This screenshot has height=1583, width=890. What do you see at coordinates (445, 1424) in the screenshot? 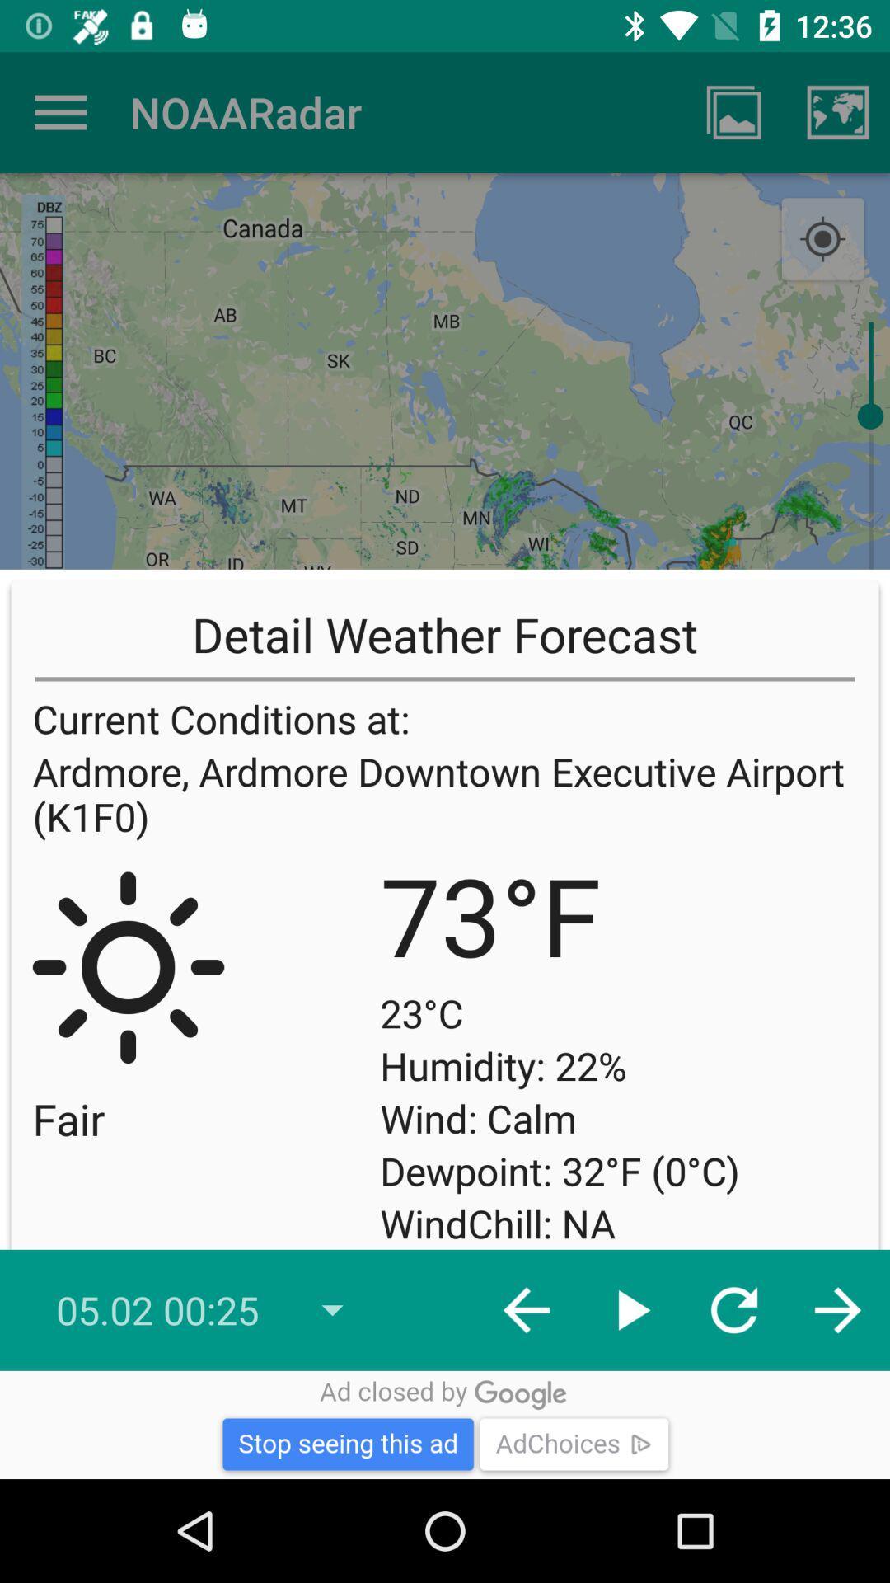
I see `advertisement` at bounding box center [445, 1424].